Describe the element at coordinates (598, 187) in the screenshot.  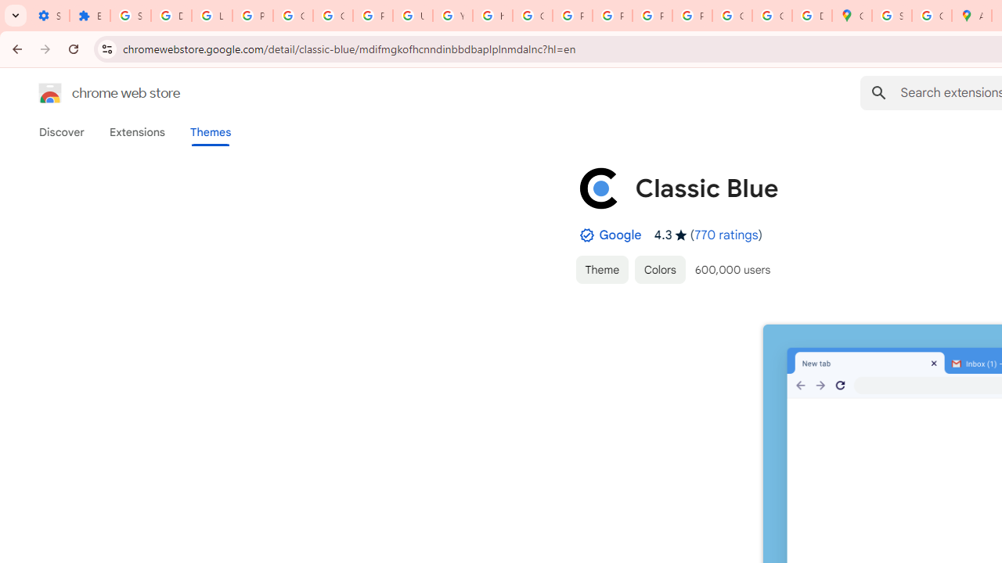
I see `'Item logo image for Classic Blue'` at that location.